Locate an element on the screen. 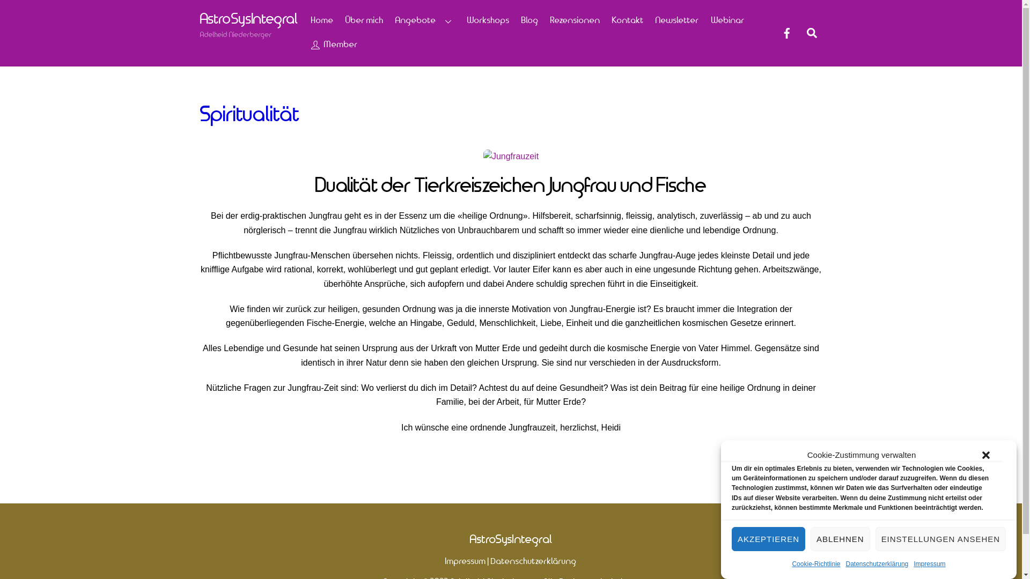  'ABLEHNEN' is located at coordinates (840, 539).